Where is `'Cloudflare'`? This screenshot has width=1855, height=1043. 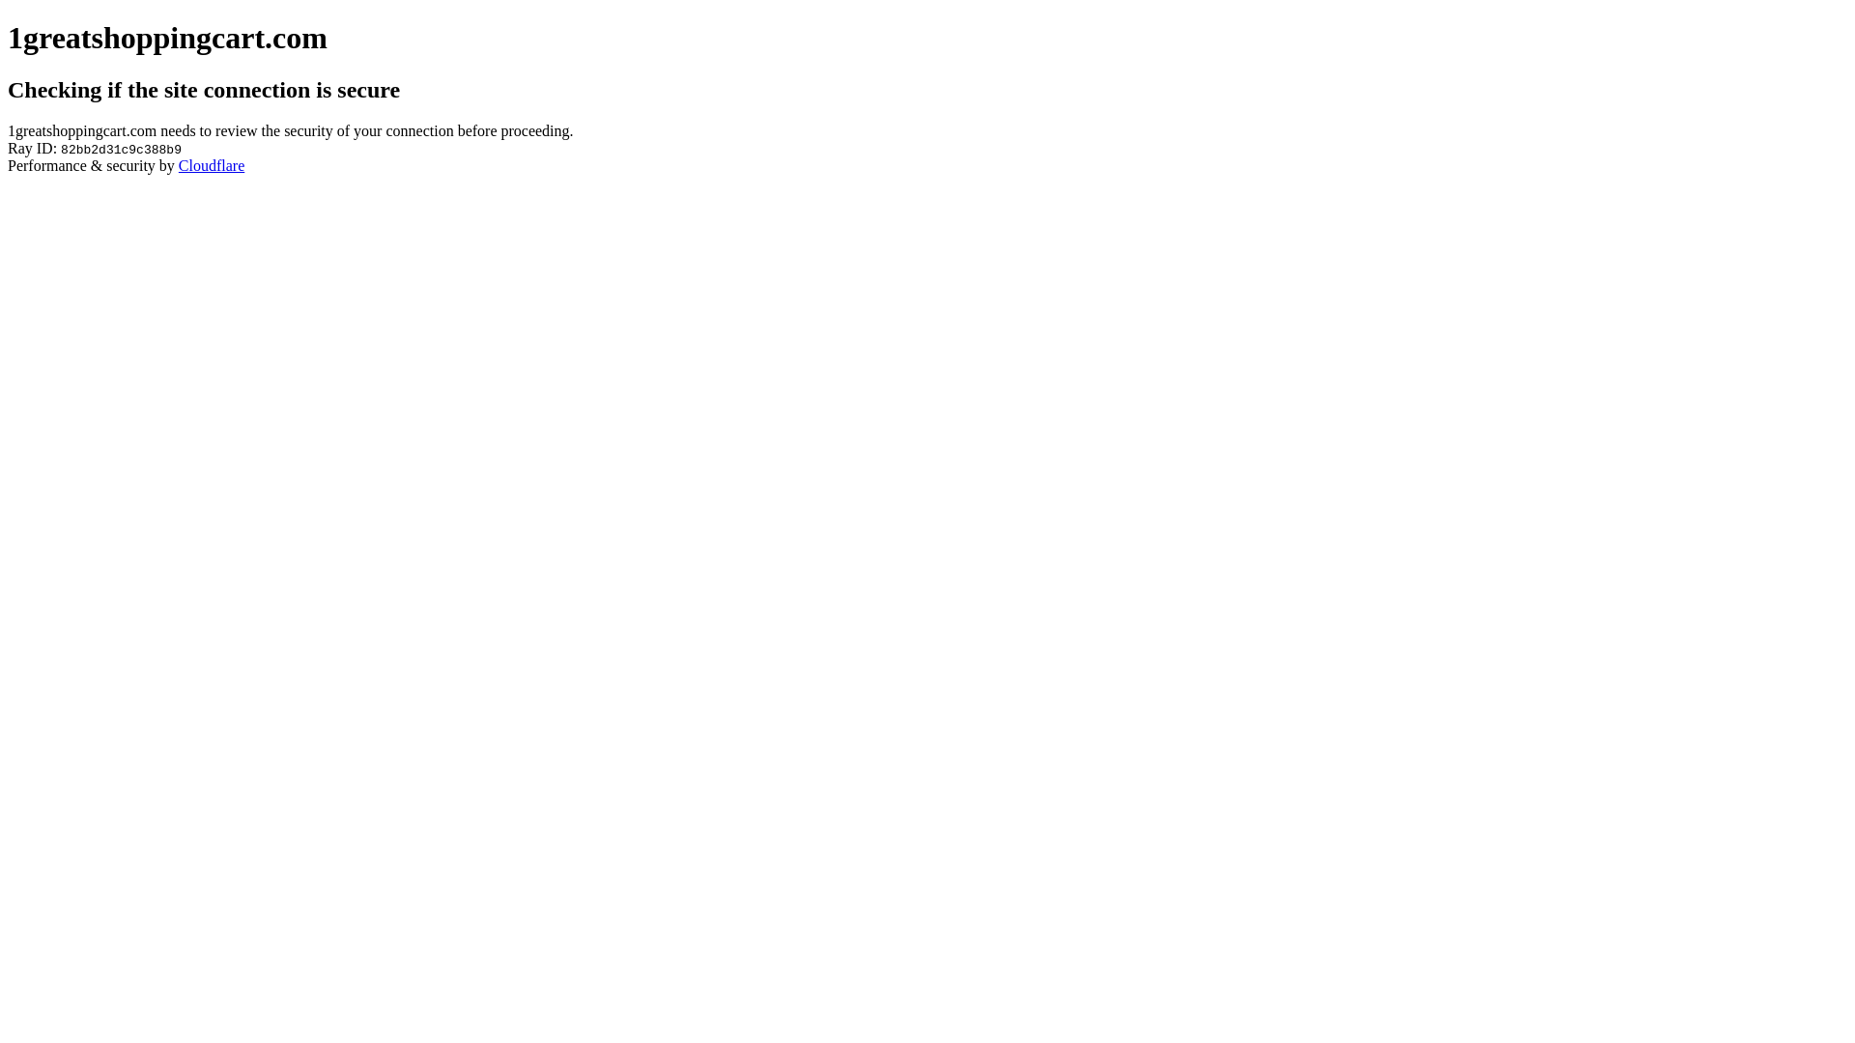
'Cloudflare' is located at coordinates (212, 164).